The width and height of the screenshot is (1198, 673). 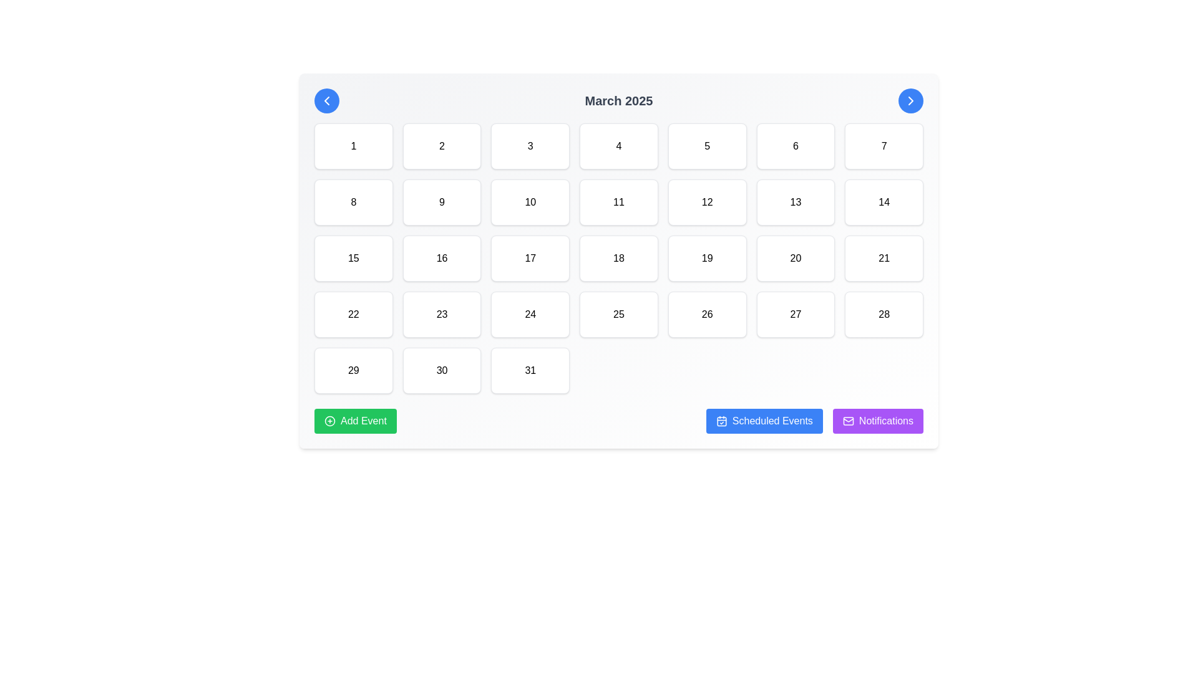 I want to click on the rectangle element within the SVG illustration that is part of the 'Scheduled Events' icon, located adjacent to the 'Notifications' button in the bottom right-hand side of the interface, so click(x=721, y=421).